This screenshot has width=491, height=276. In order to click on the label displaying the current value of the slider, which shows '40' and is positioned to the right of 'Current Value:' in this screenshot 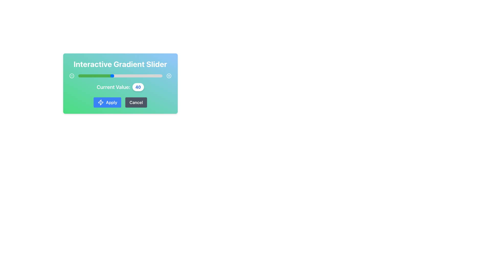, I will do `click(138, 87)`.